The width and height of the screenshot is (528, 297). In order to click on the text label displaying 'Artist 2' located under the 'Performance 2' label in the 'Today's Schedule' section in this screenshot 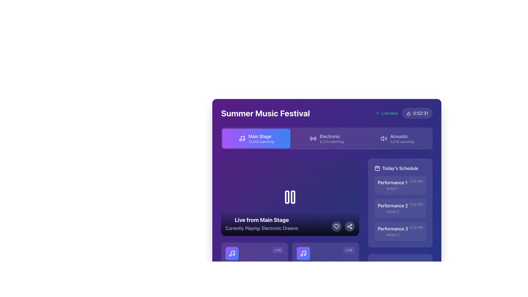, I will do `click(392, 211)`.